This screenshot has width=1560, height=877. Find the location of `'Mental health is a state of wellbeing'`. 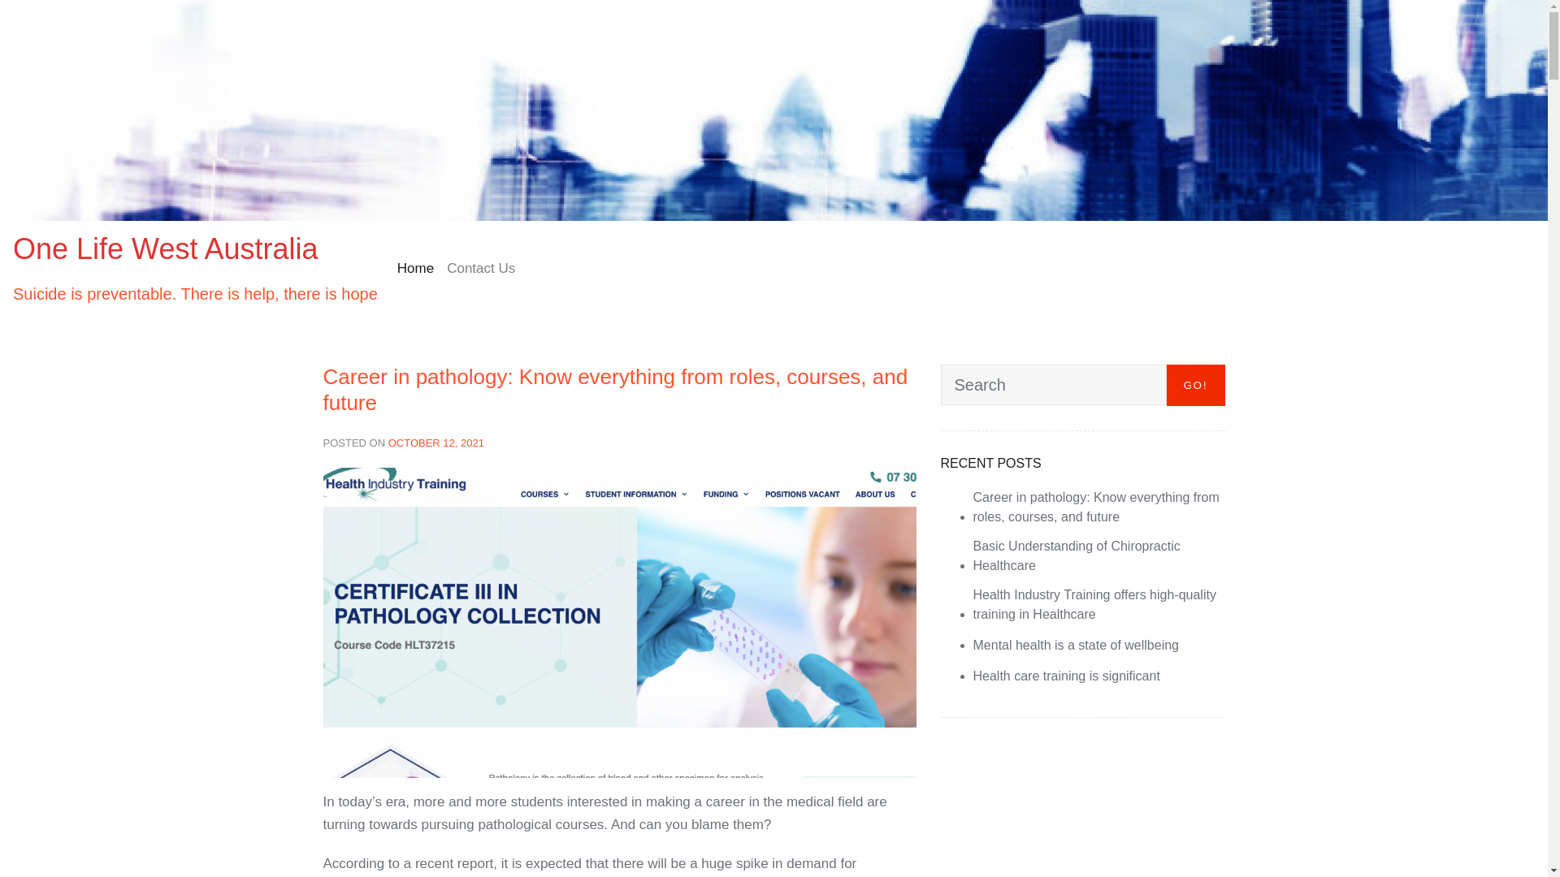

'Mental health is a state of wellbeing' is located at coordinates (1076, 644).